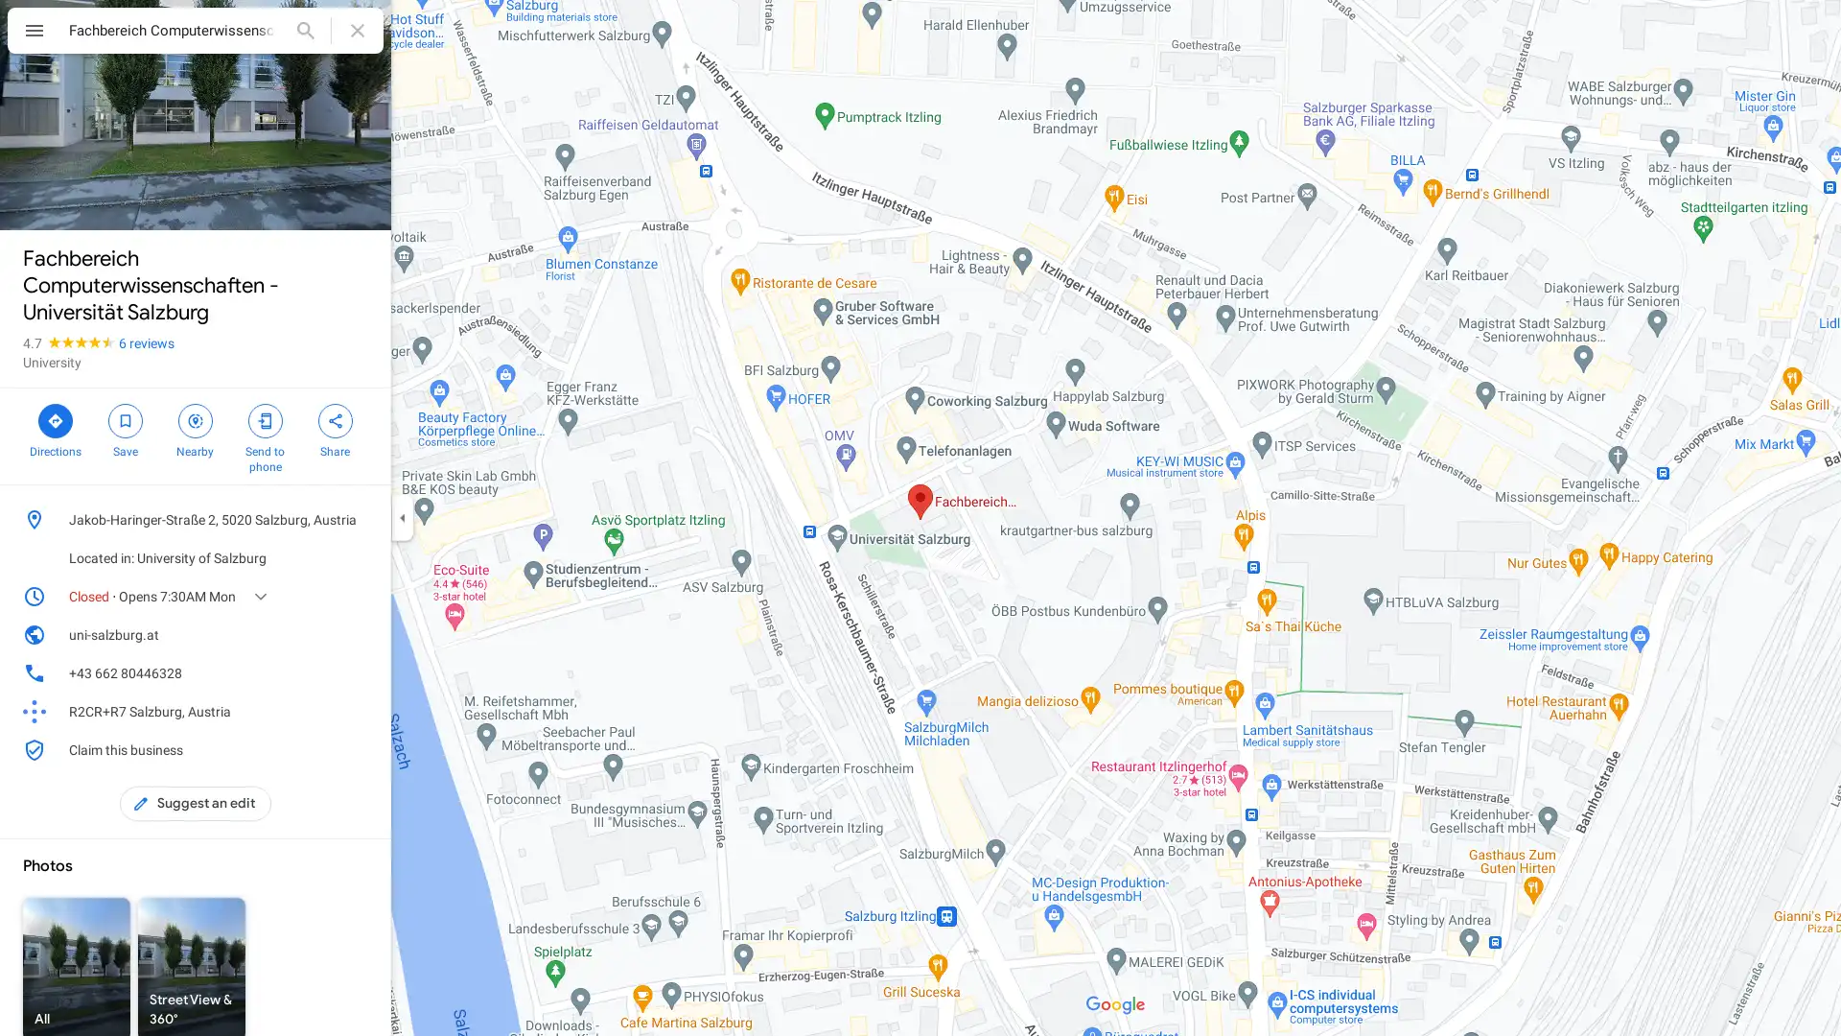 Image resolution: width=1841 pixels, height=1036 pixels. Describe the element at coordinates (70, 342) in the screenshot. I see `4.7 stars` at that location.